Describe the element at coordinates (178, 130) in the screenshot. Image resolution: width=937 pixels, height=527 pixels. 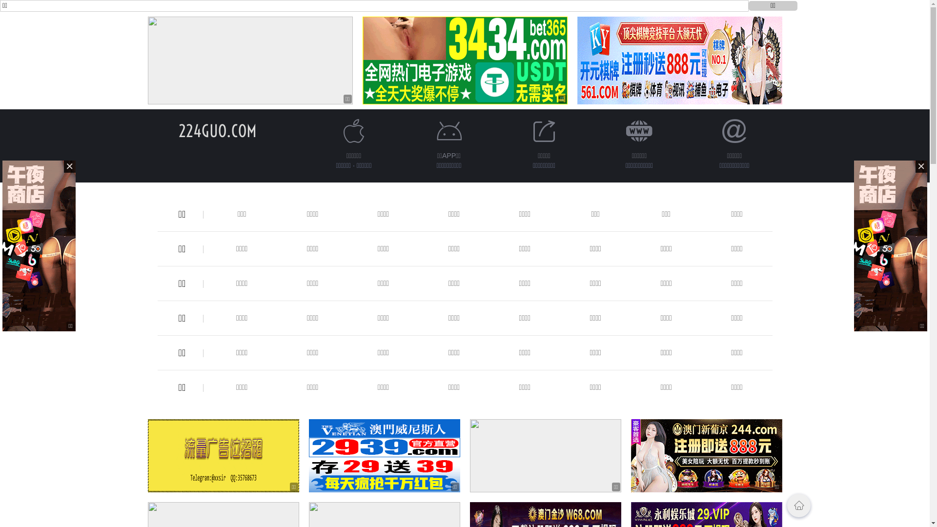
I see `'224GUO.COM'` at that location.